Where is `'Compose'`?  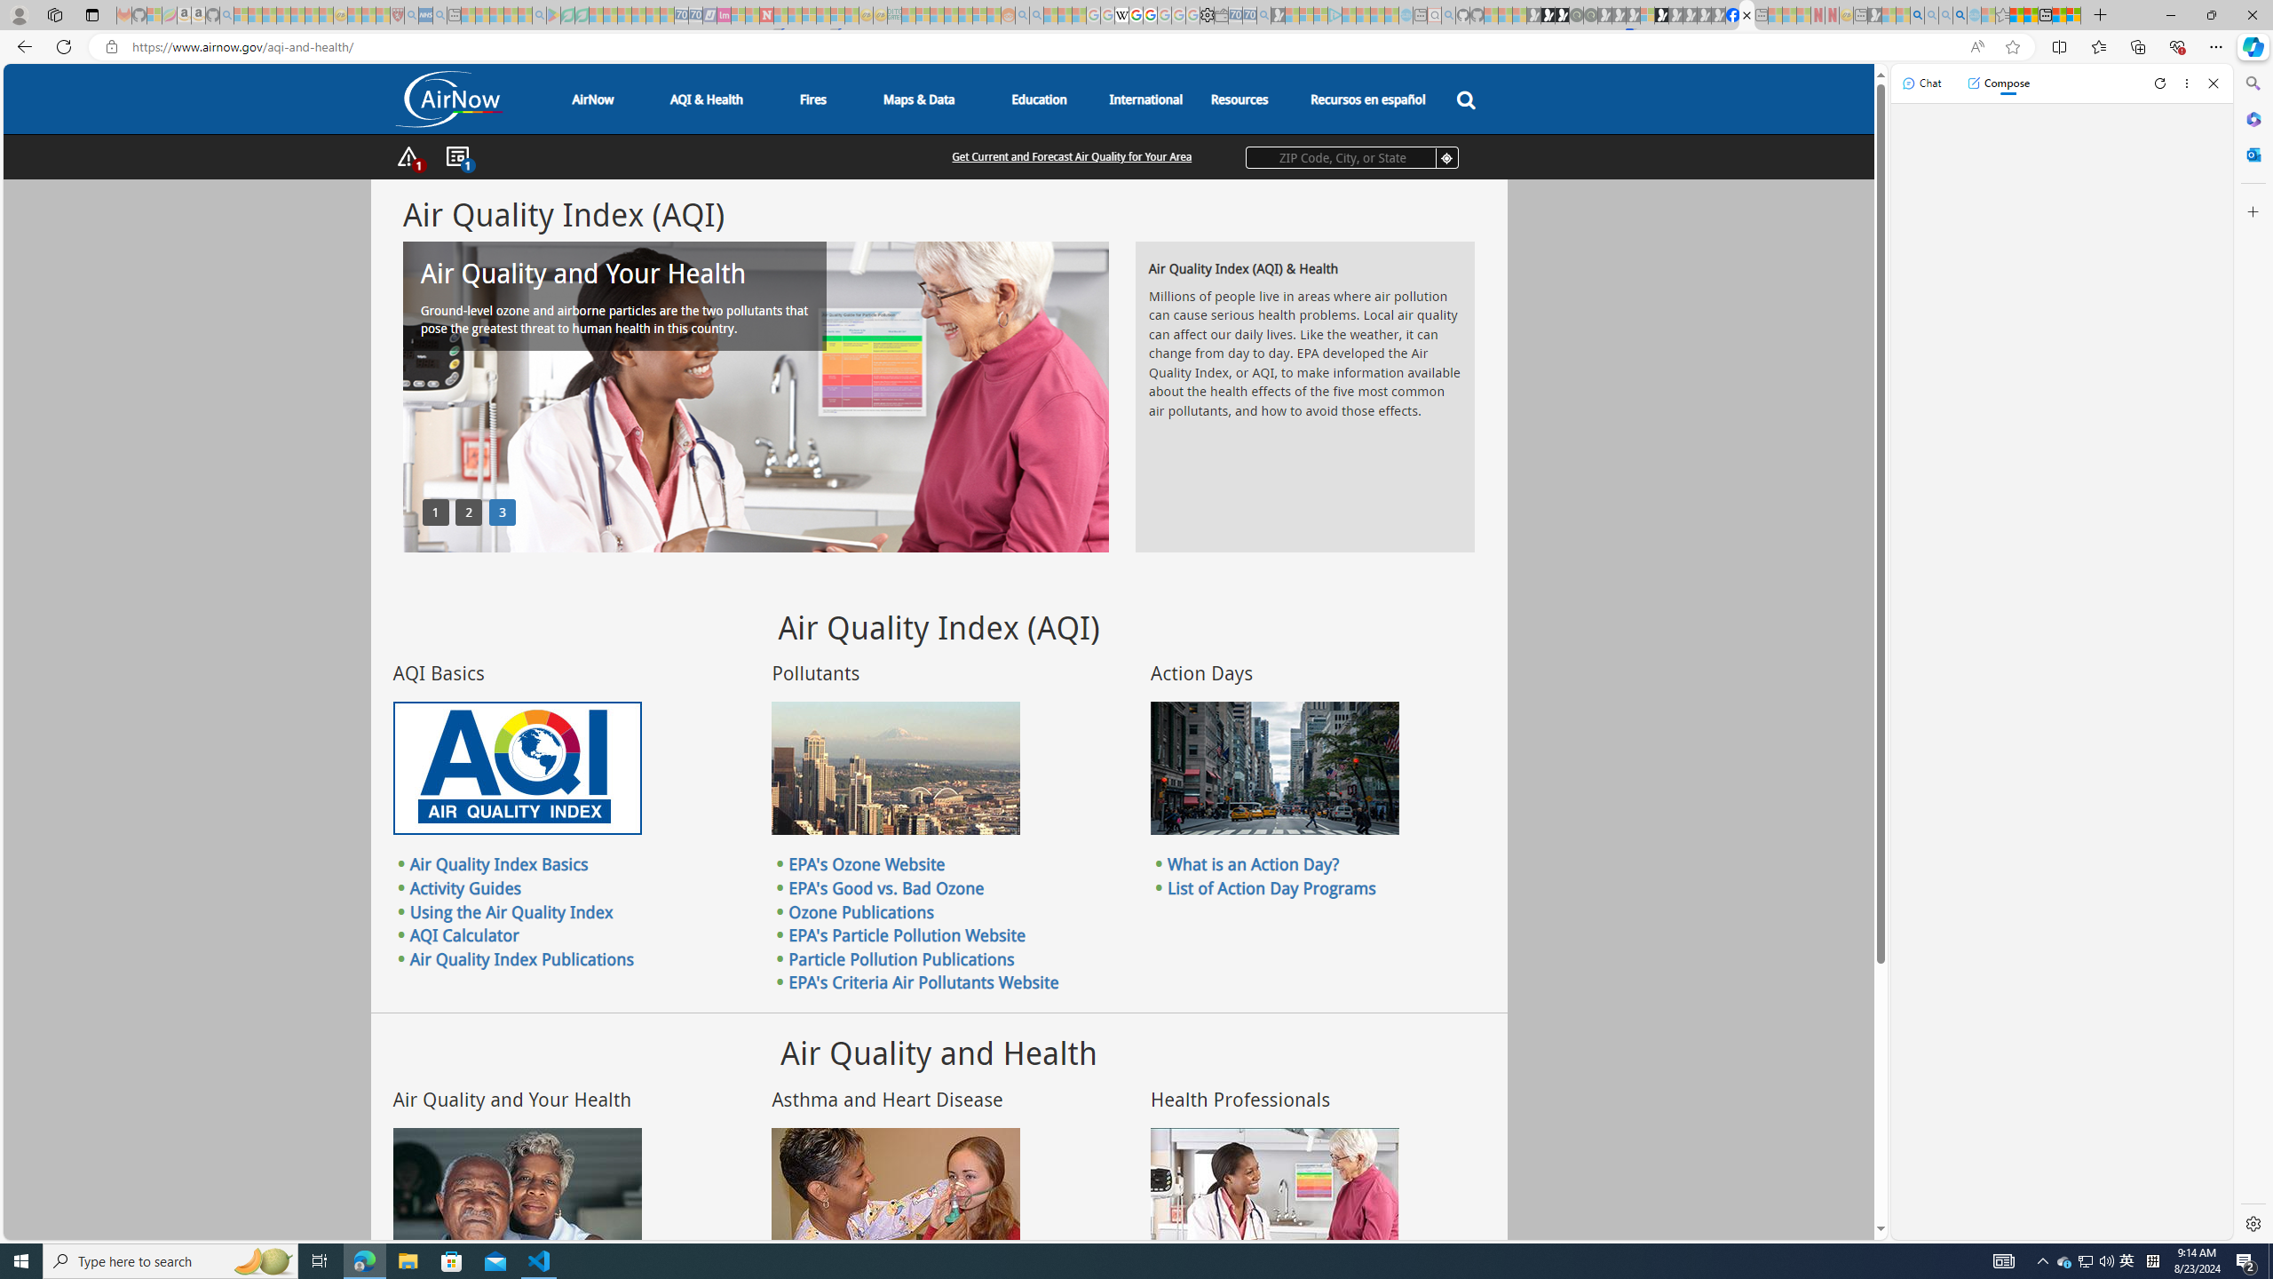 'Compose' is located at coordinates (1998, 82).